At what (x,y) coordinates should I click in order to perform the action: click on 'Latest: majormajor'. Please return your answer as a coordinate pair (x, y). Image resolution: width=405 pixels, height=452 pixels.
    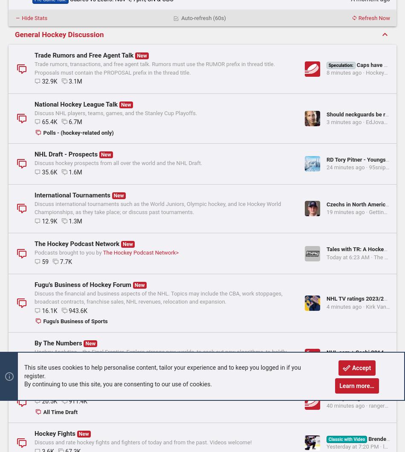
    Looking at the image, I should click on (303, 271).